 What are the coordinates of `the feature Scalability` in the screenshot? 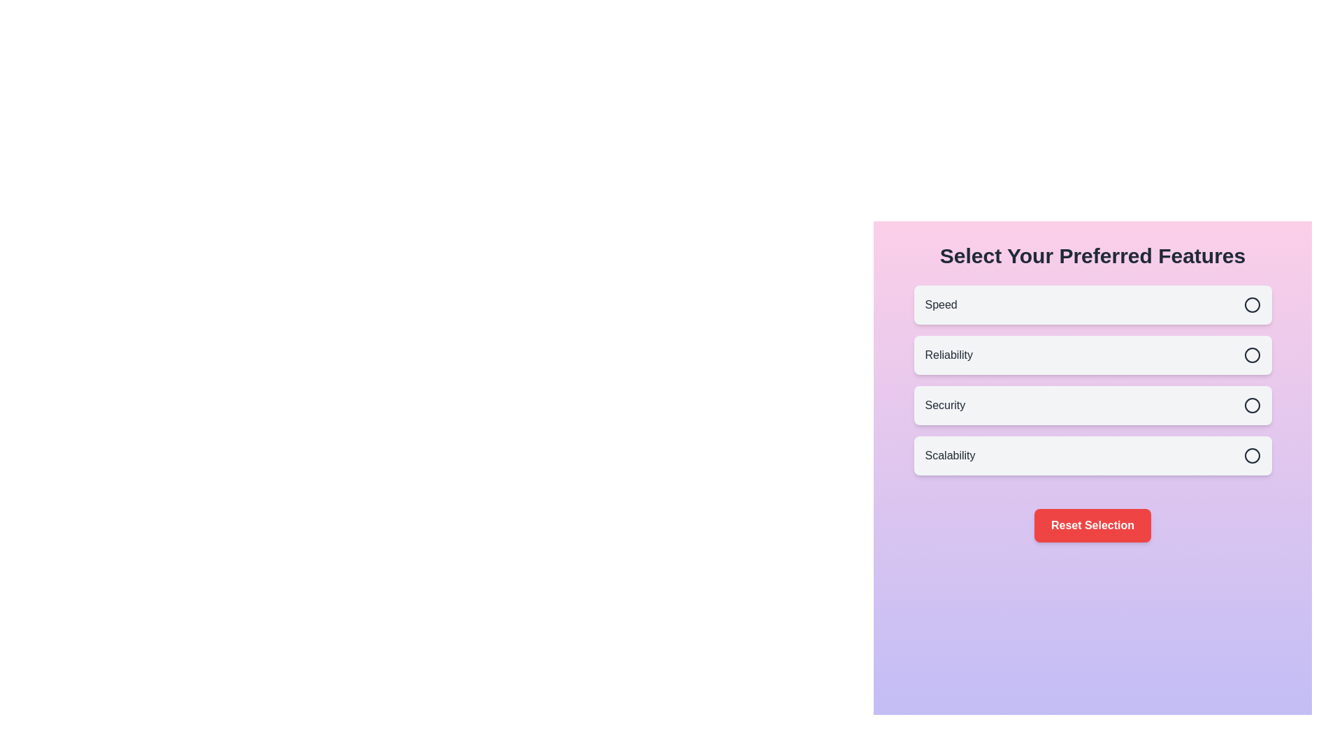 It's located at (1092, 455).